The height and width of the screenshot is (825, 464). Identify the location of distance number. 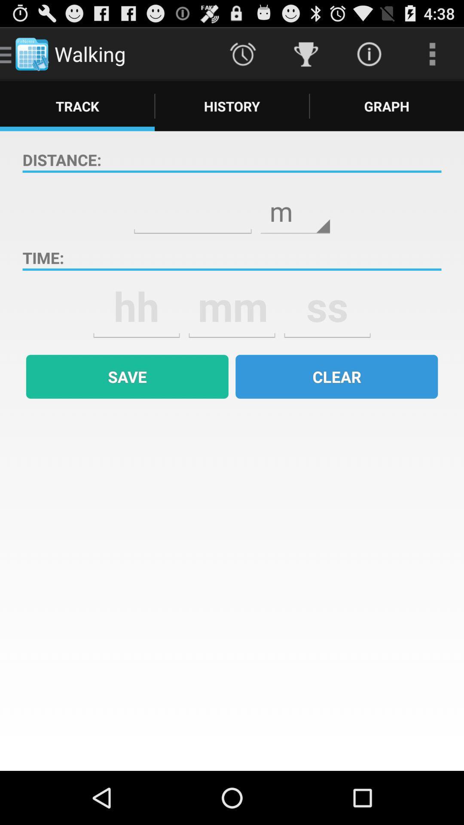
(192, 205).